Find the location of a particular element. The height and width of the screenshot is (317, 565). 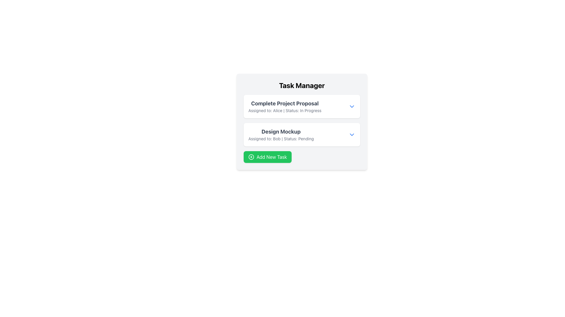

the task card component in the Task Manager that provides information about the task title, assignee, and status, located under the 'Complete Project Proposal' card is located at coordinates (302, 135).